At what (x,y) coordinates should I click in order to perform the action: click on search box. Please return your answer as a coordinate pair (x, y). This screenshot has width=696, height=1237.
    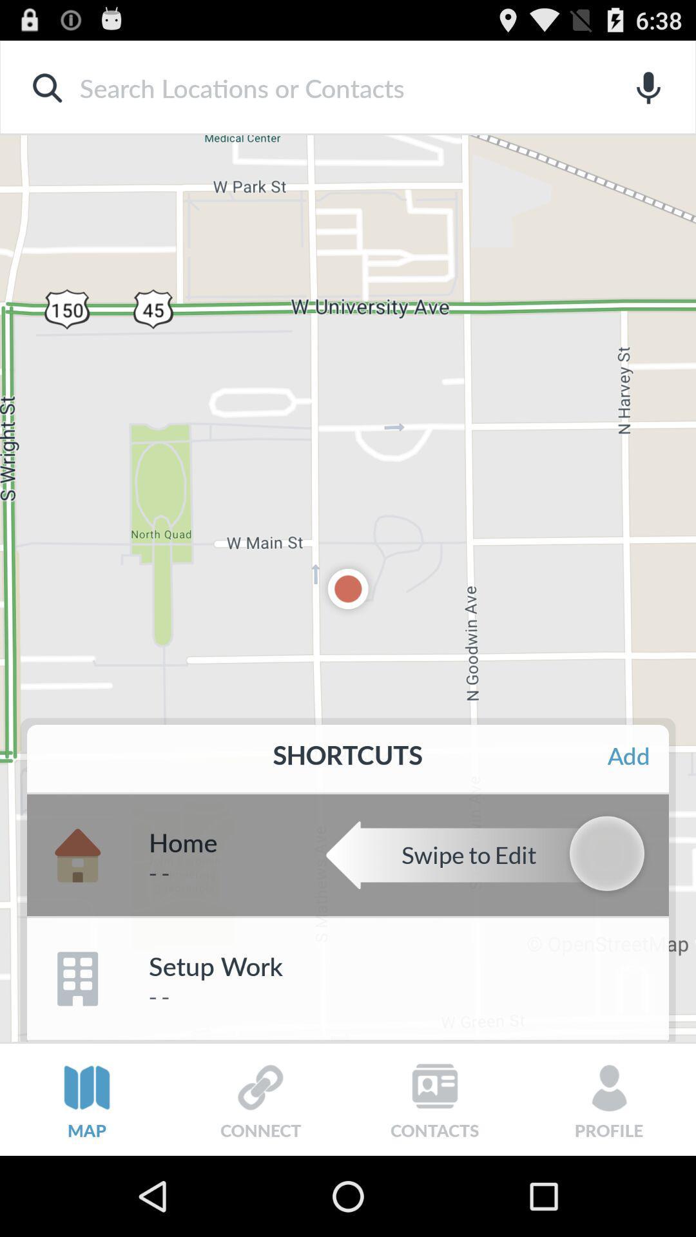
    Looking at the image, I should click on (327, 87).